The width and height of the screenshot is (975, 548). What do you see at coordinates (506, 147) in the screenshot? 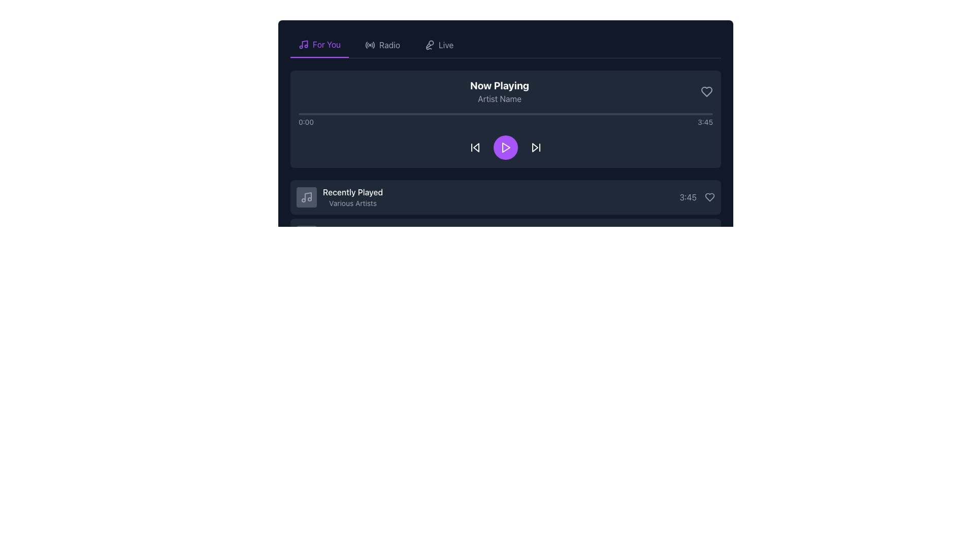
I see `the triangular play icon button with a purple circular background, located centrally in the media player's control bar to play media` at bounding box center [506, 147].